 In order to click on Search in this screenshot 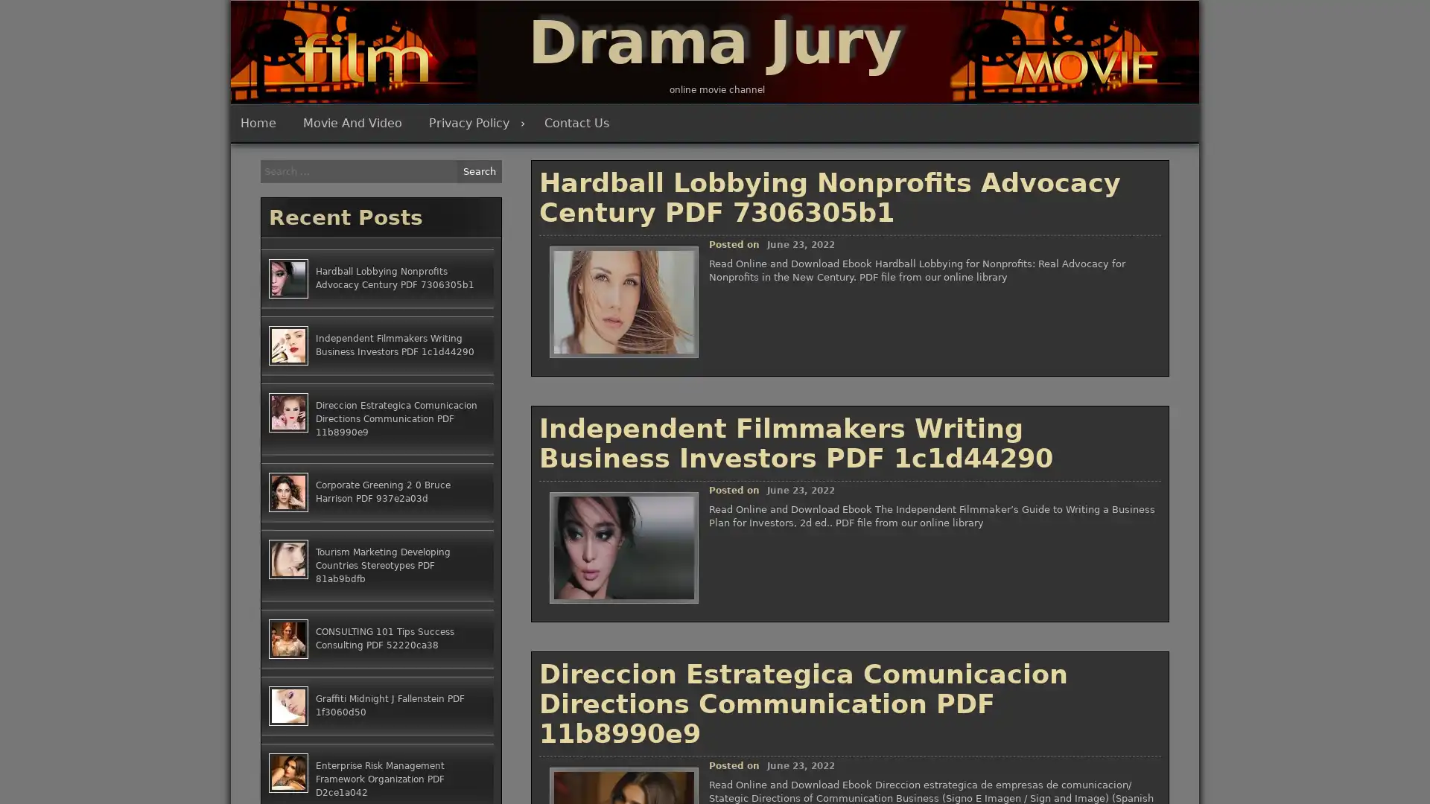, I will do `click(479, 170)`.